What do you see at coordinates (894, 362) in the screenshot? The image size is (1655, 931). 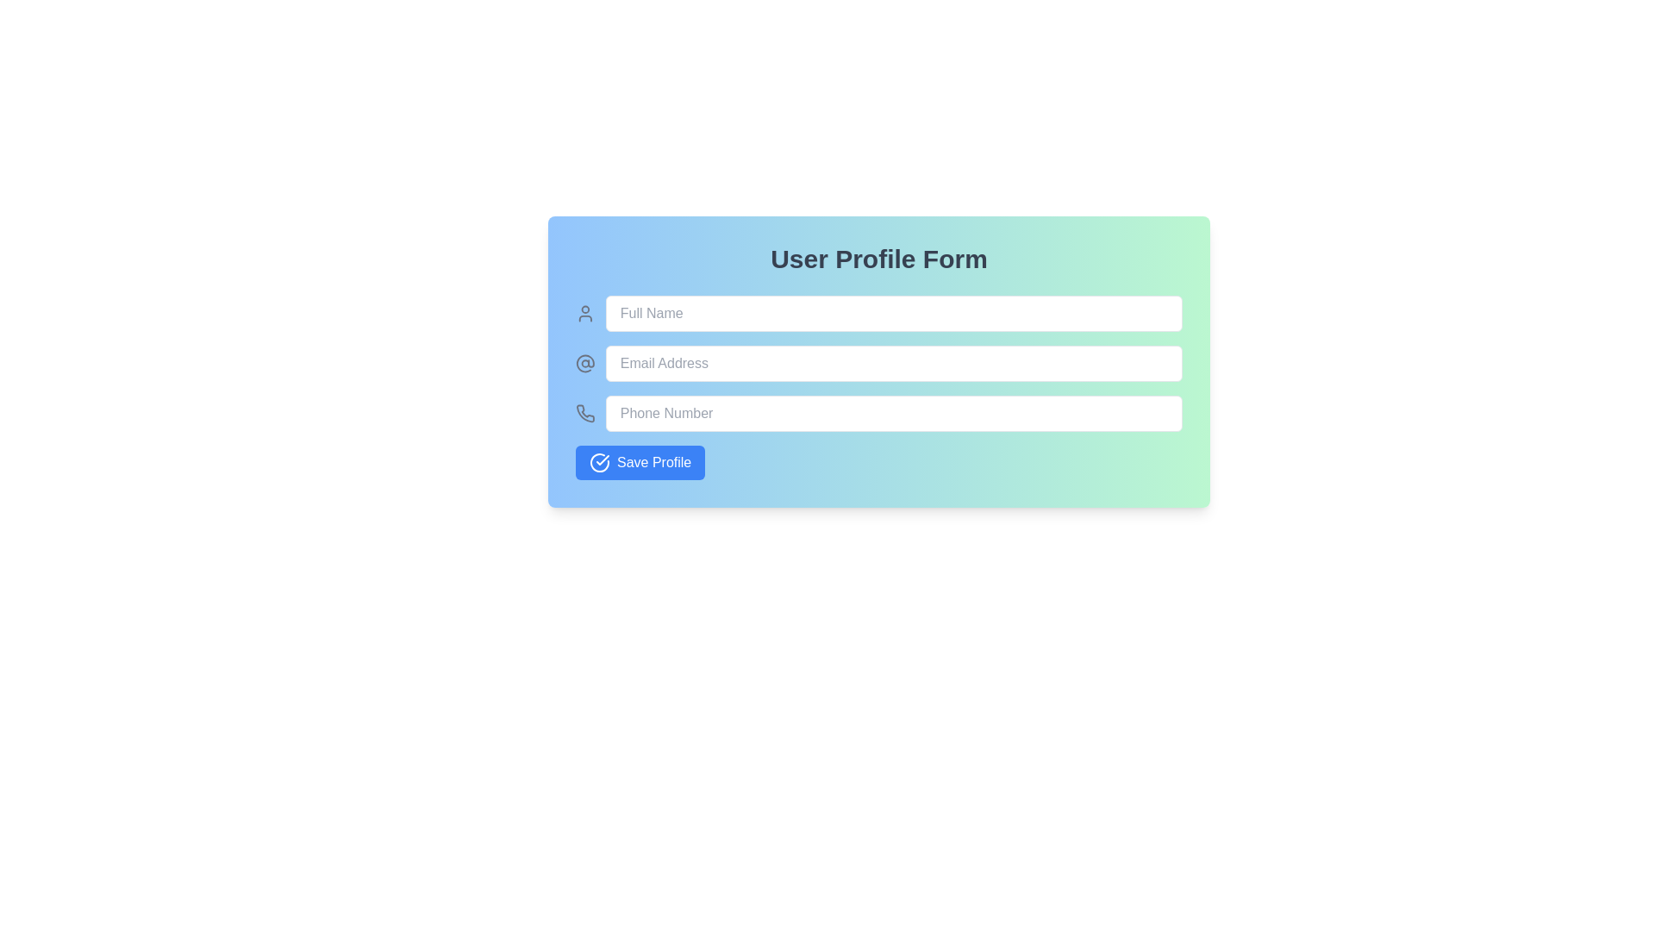 I see `the email input field in the user profile form` at bounding box center [894, 362].